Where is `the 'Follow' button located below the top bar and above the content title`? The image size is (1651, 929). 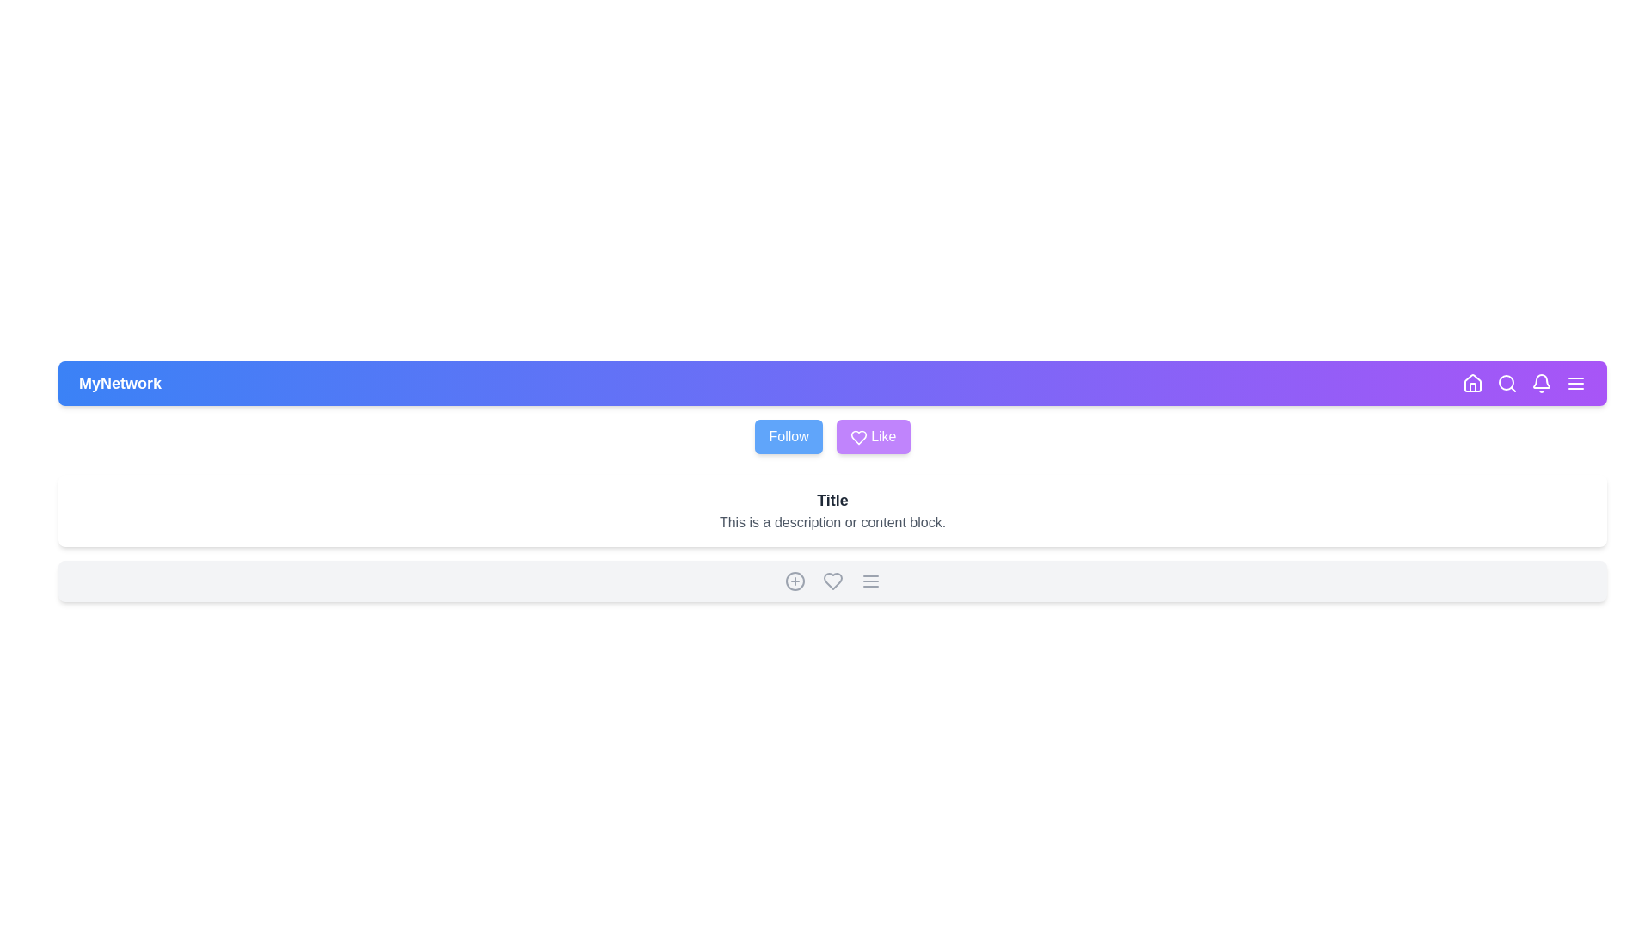 the 'Follow' button located below the top bar and above the content title is located at coordinates (788, 436).